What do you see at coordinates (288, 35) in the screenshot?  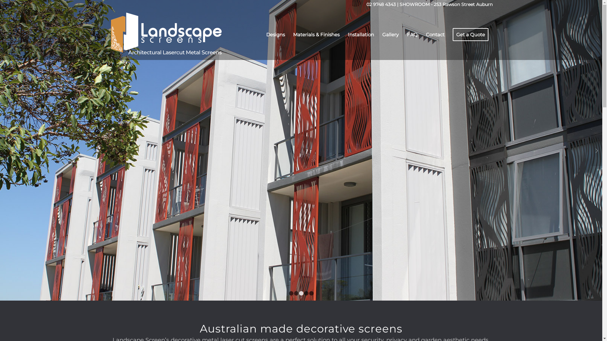 I see `'Materials & Finishes'` at bounding box center [288, 35].